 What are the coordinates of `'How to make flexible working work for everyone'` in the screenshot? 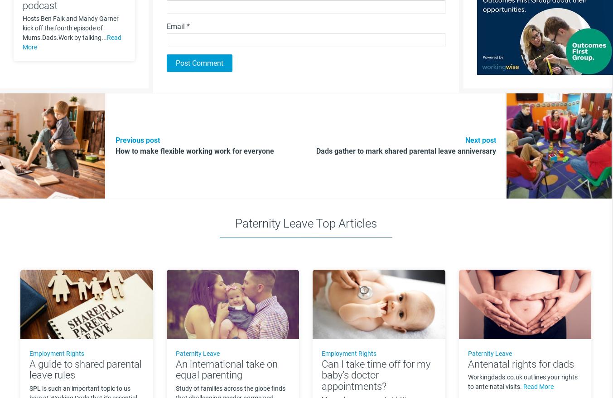 It's located at (194, 151).